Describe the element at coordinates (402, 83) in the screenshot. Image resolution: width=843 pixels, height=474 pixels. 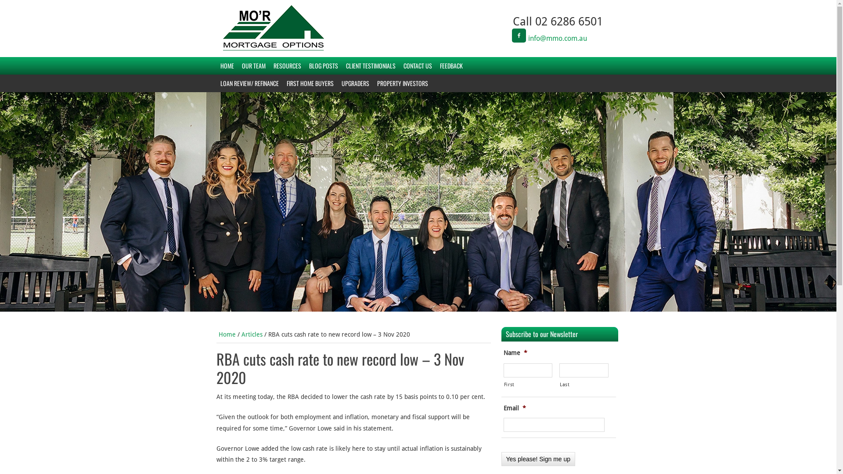
I see `'PROPERTY INVESTORS'` at that location.